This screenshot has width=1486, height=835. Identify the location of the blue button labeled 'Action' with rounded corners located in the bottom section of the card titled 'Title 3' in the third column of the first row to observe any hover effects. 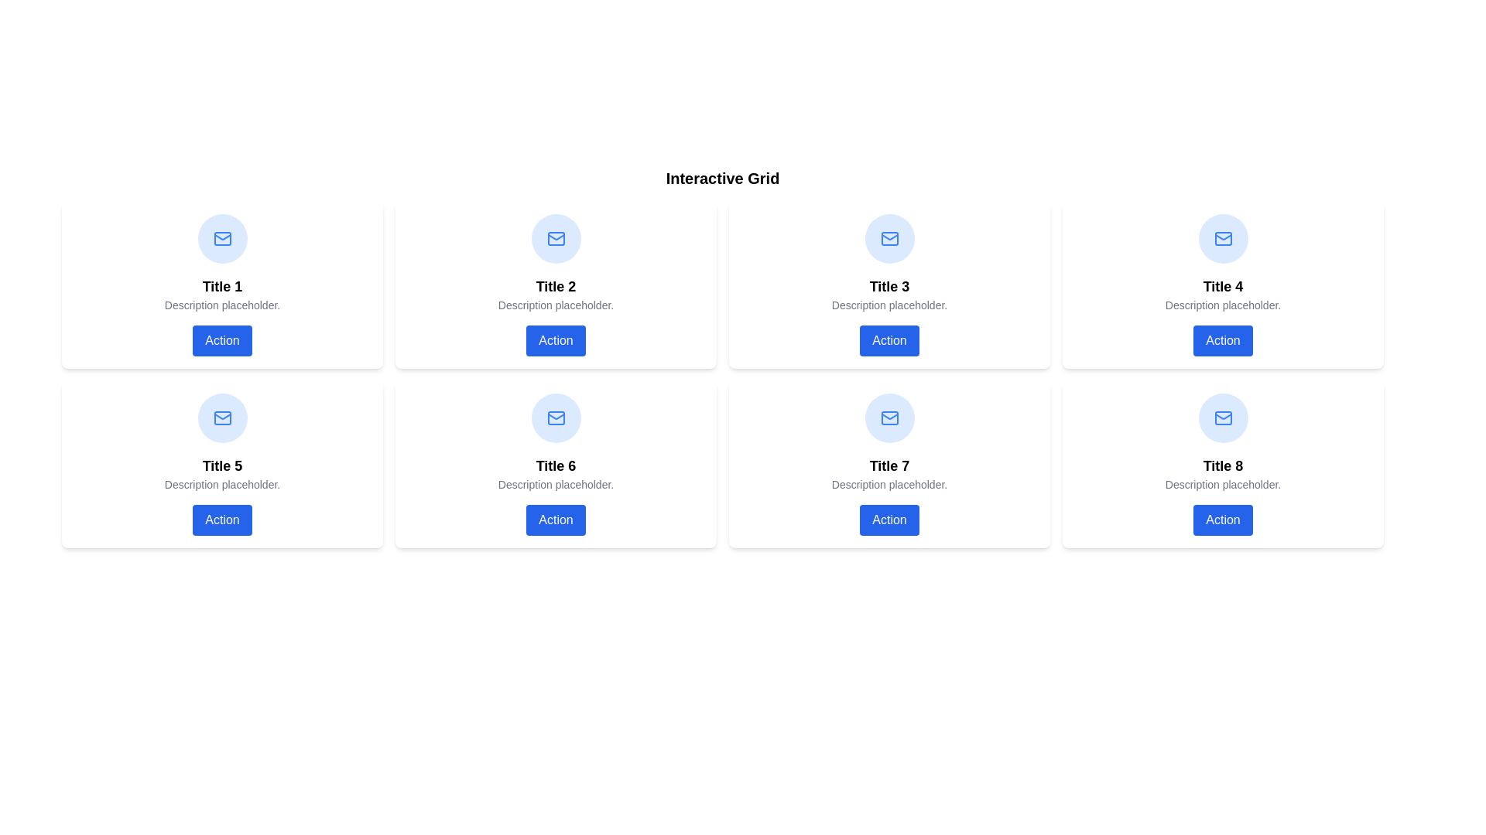
(889, 339).